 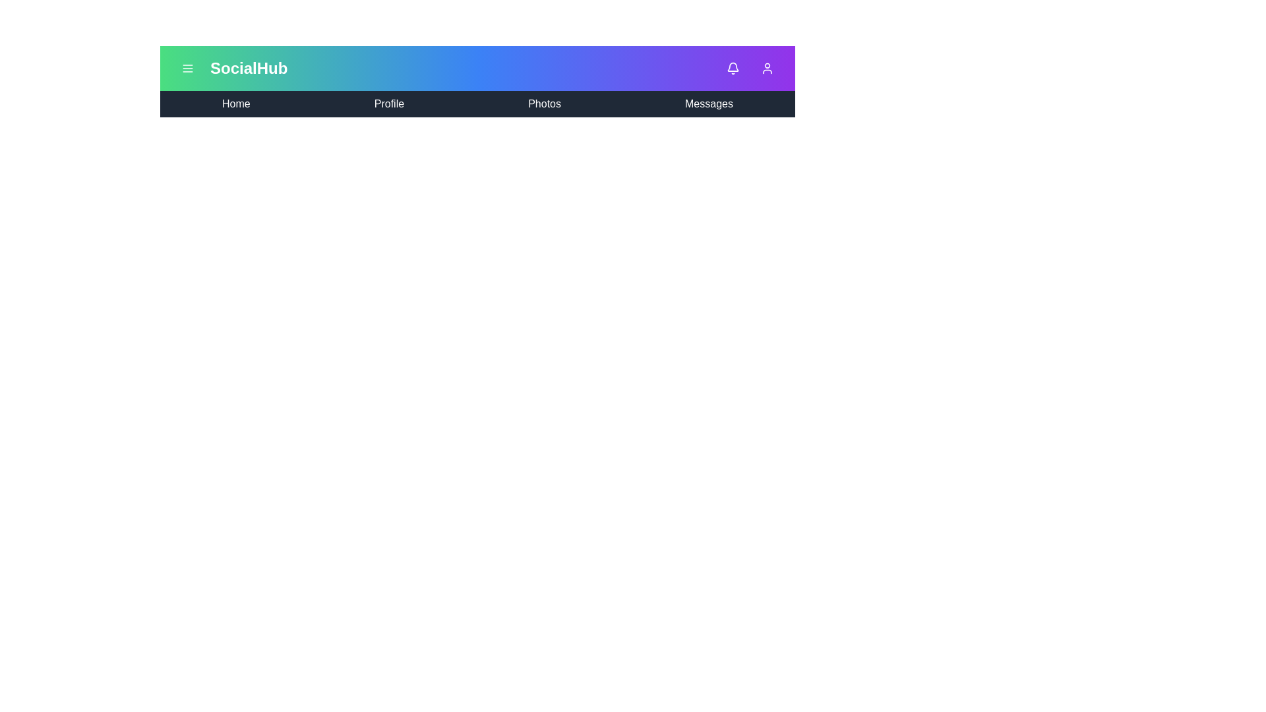 What do you see at coordinates (708, 104) in the screenshot?
I see `the navigation item Messages to see the hover effect` at bounding box center [708, 104].